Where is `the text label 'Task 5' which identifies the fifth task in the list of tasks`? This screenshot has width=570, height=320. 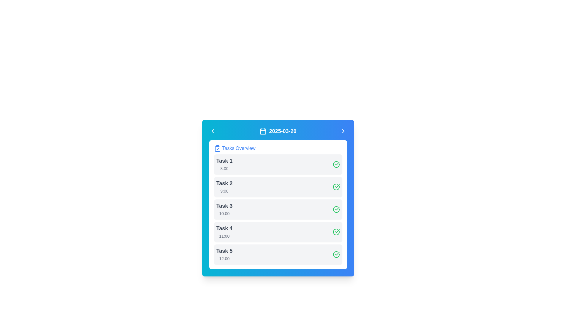
the text label 'Task 5' which identifies the fifth task in the list of tasks is located at coordinates (224, 251).